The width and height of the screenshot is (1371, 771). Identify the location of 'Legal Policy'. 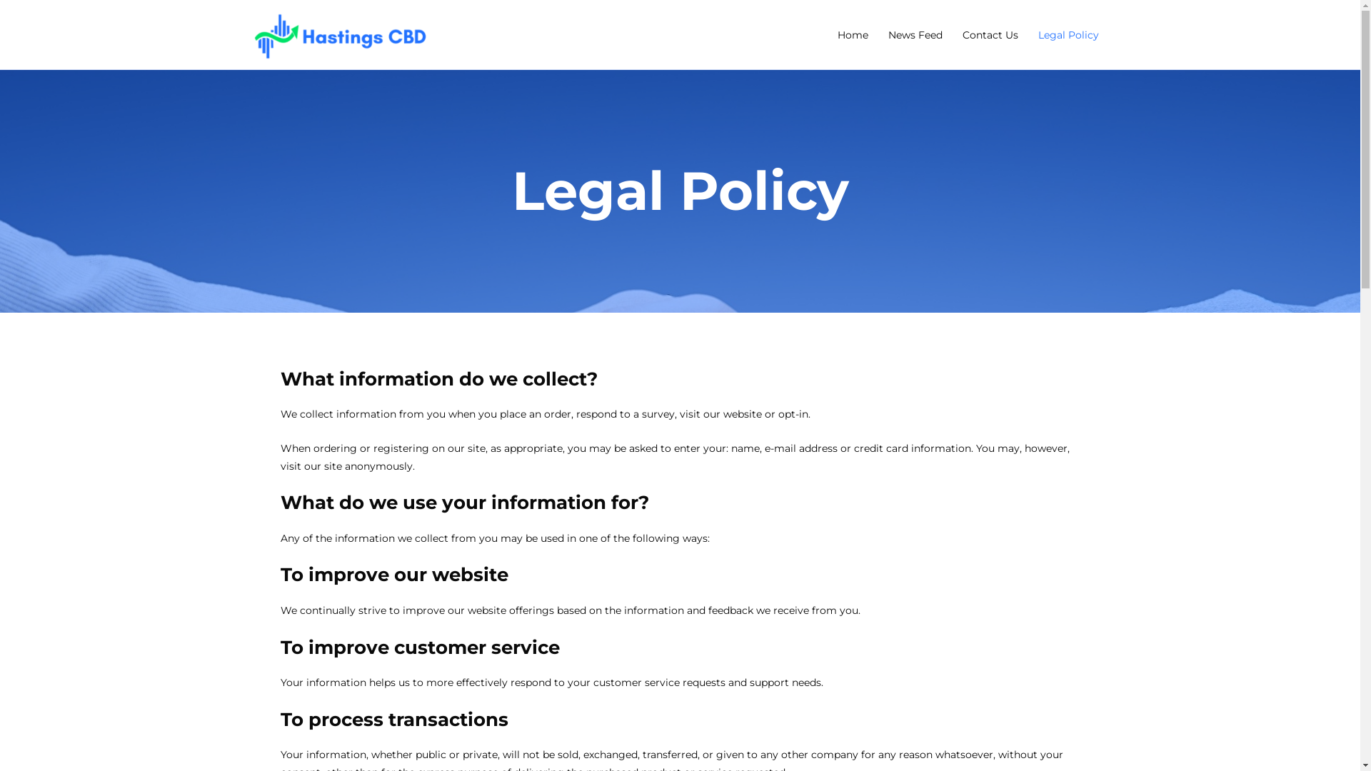
(1068, 33).